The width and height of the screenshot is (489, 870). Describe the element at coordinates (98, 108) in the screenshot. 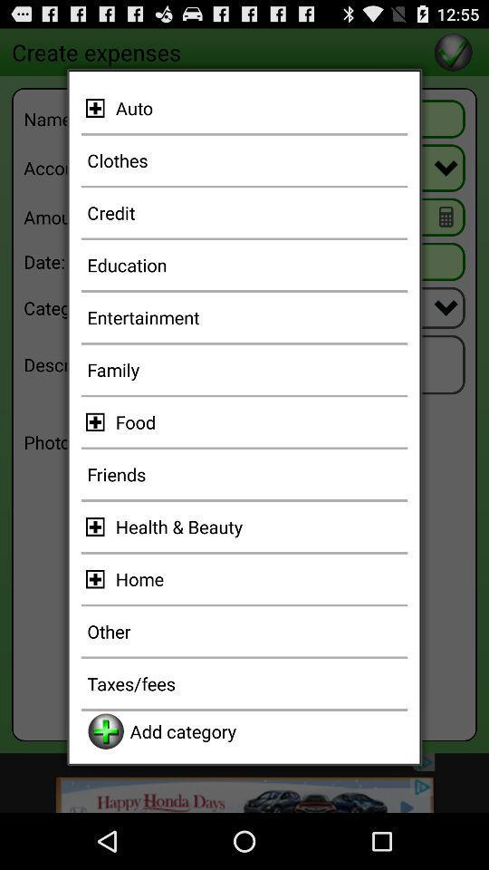

I see `less options` at that location.